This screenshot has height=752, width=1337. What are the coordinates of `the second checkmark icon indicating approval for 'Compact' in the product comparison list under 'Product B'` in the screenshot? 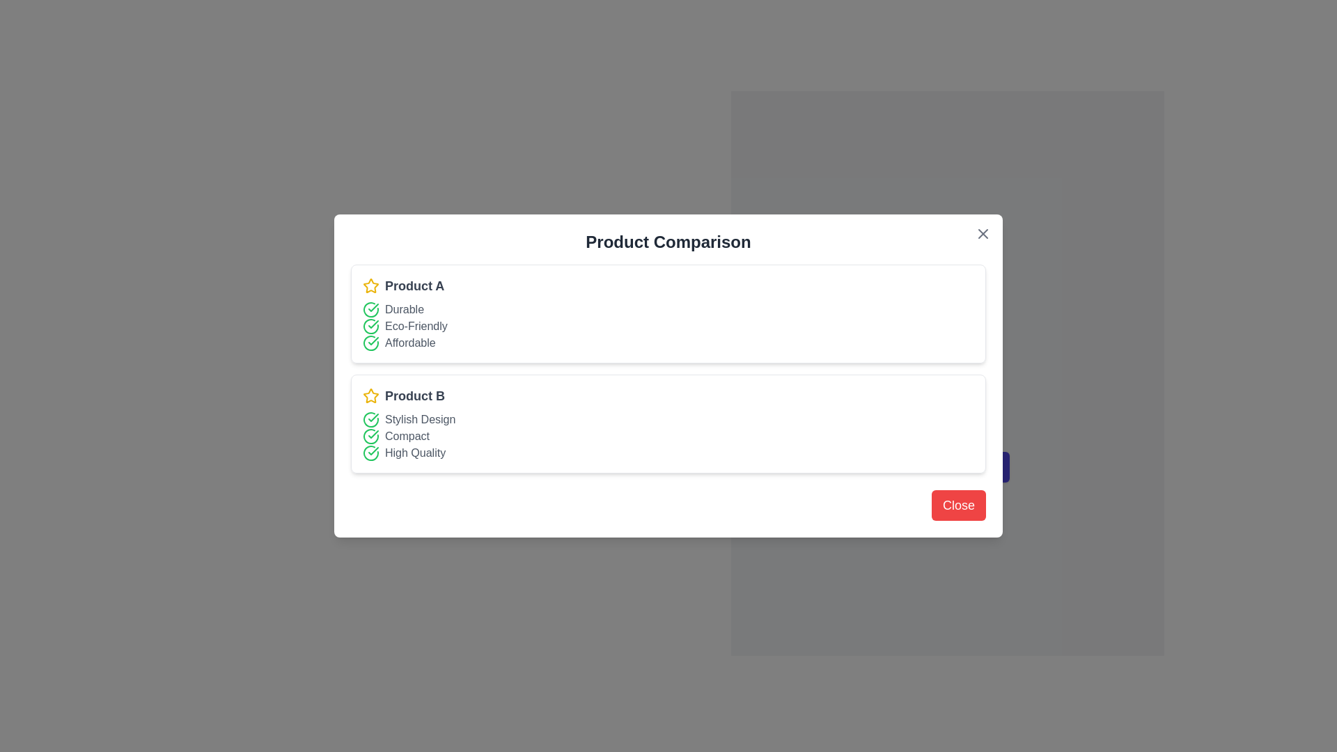 It's located at (373, 451).